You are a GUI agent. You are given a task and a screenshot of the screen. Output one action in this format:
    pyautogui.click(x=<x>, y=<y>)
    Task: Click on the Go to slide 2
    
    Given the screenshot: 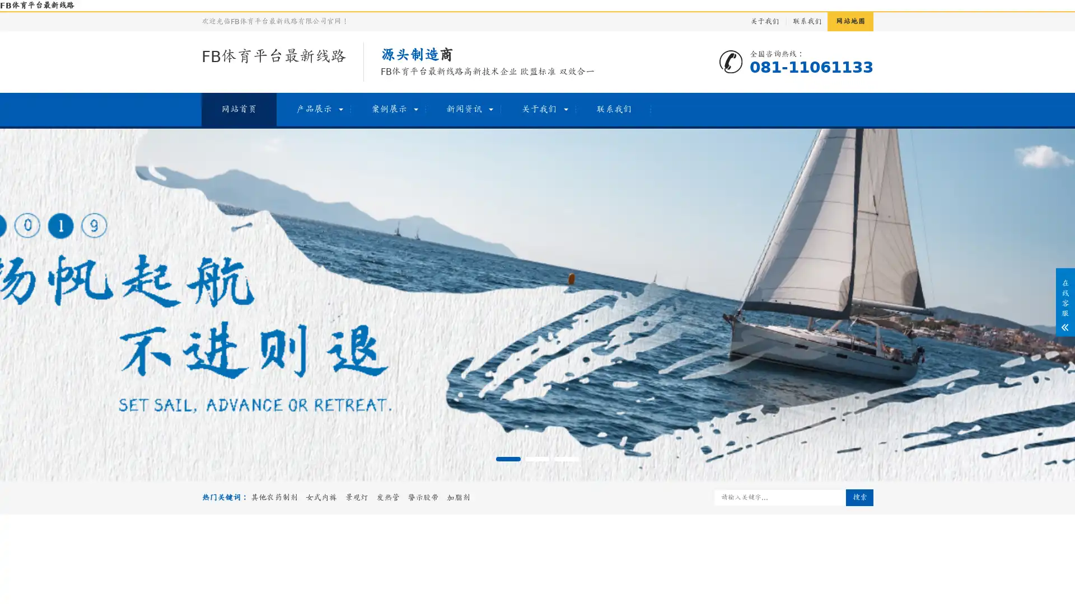 What is the action you would take?
    pyautogui.click(x=537, y=459)
    